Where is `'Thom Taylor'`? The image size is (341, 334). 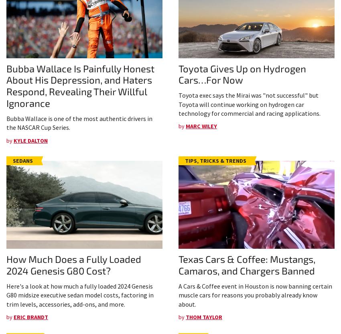
'Thom Taylor' is located at coordinates (185, 316).